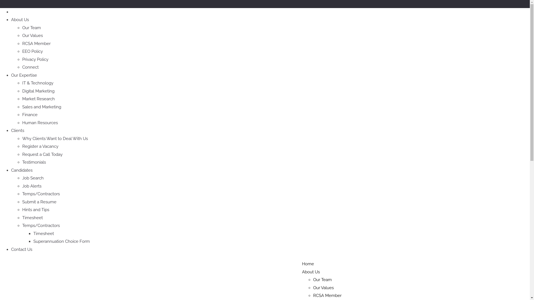  Describe the element at coordinates (308, 263) in the screenshot. I see `'Home'` at that location.